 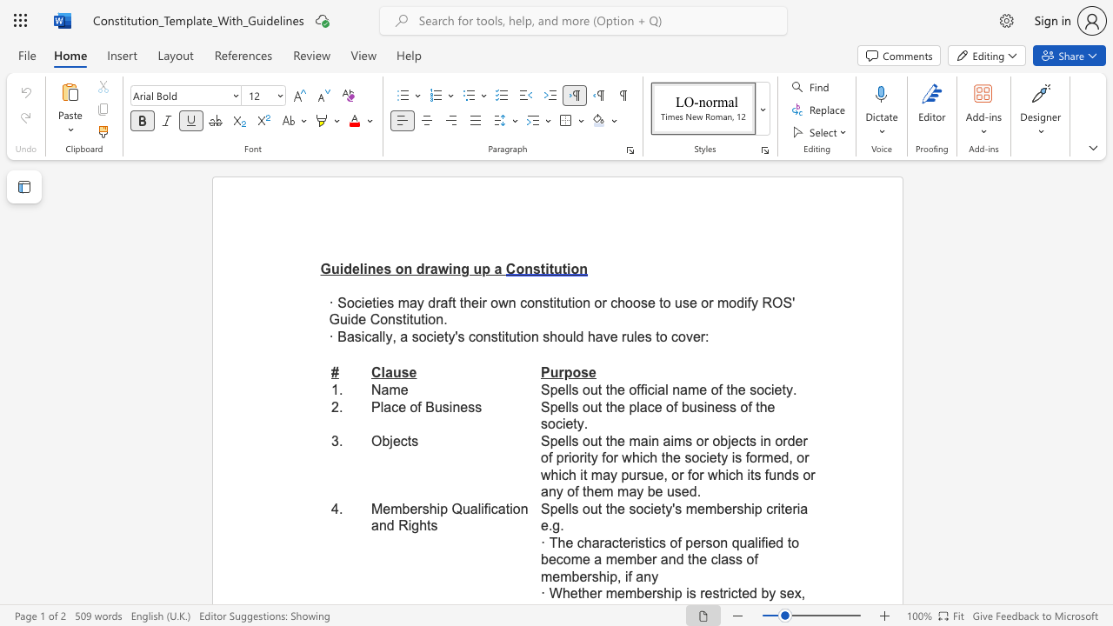 What do you see at coordinates (424, 319) in the screenshot?
I see `the subset text "ion." within the text "ROS"` at bounding box center [424, 319].